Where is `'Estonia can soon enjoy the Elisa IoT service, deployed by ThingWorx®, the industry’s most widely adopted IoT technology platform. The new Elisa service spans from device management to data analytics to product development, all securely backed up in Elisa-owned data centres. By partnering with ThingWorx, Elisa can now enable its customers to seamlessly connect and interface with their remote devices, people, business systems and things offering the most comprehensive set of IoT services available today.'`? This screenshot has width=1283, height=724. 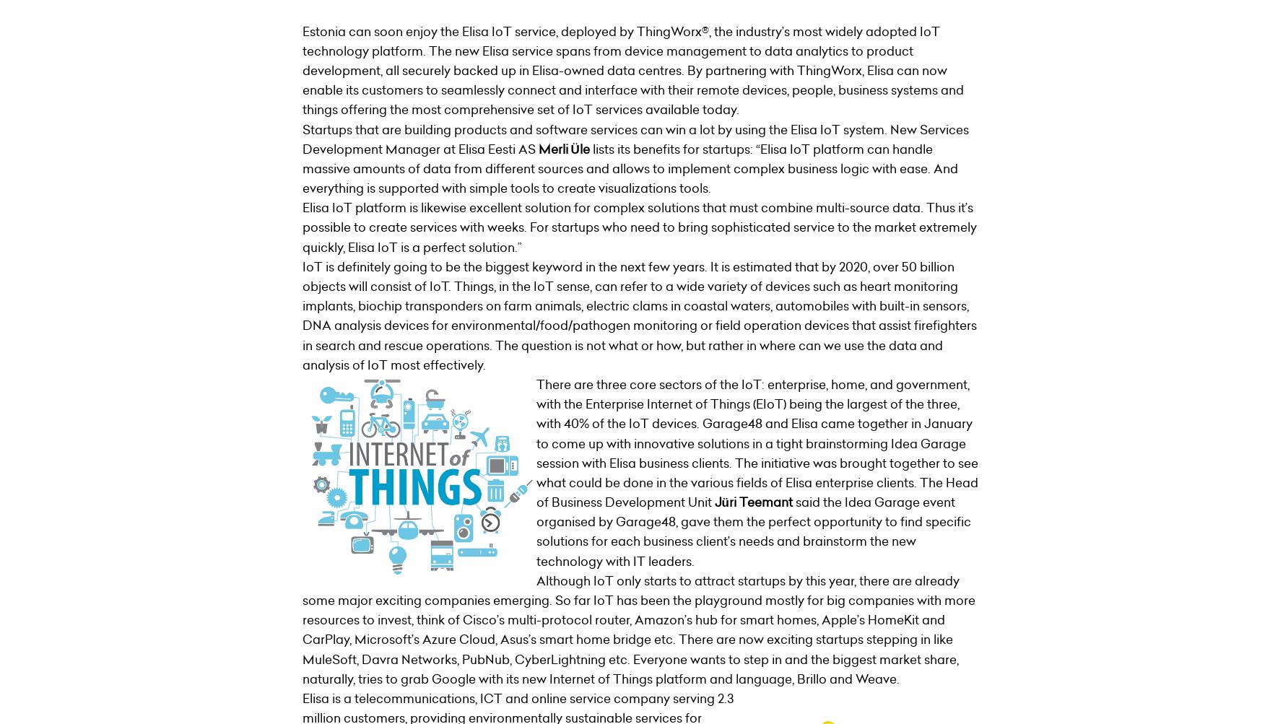 'Estonia can soon enjoy the Elisa IoT service, deployed by ThingWorx®, the industry’s most widely adopted IoT technology platform. The new Elisa service spans from device management to data analytics to product development, all securely backed up in Elisa-owned data centres. By partnering with ThingWorx, Elisa can now enable its customers to seamlessly connect and interface with their remote devices, people, business systems and things offering the most comprehensive set of IoT services available today.' is located at coordinates (632, 70).